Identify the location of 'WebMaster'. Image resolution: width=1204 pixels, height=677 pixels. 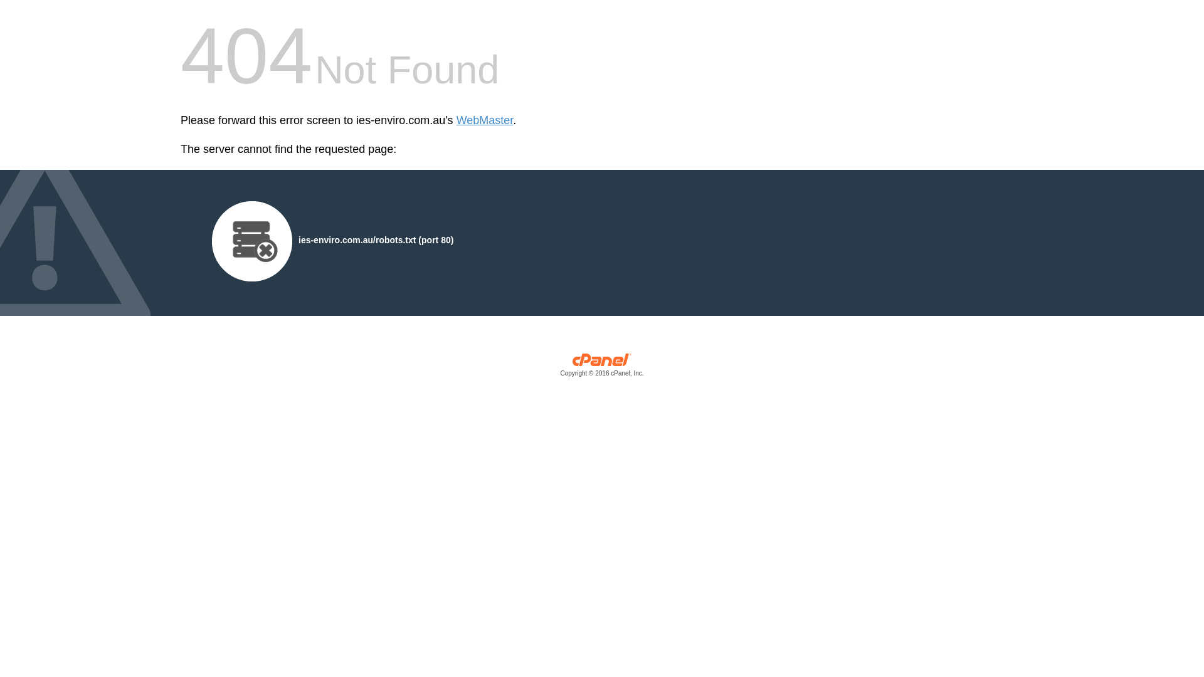
(456, 120).